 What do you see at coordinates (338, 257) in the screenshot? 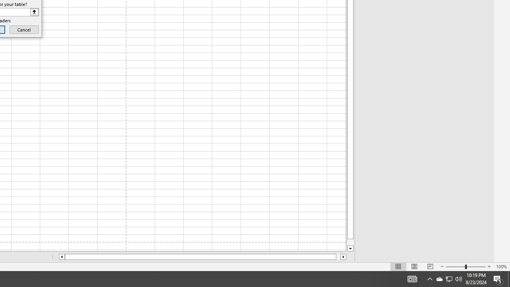
I see `'Page right'` at bounding box center [338, 257].